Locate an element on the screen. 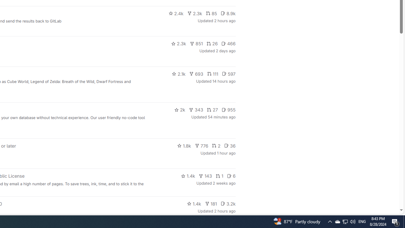  '955' is located at coordinates (228, 110).